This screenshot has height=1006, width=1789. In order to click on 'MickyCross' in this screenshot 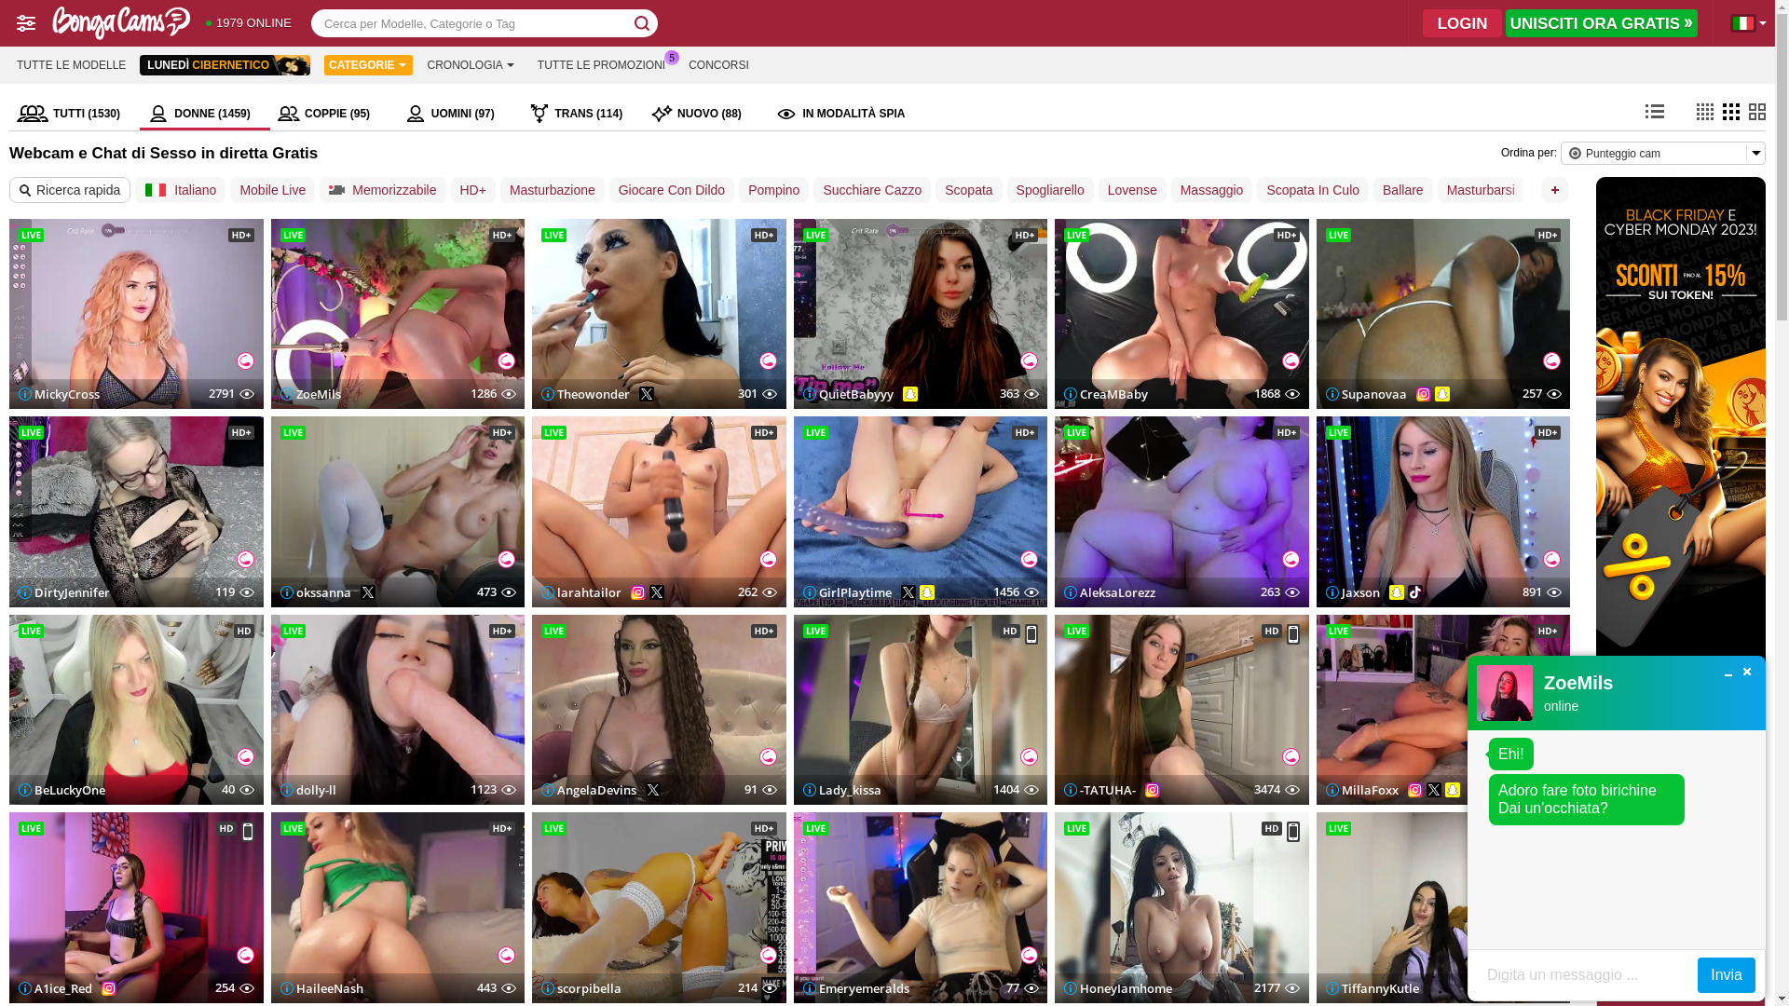, I will do `click(59, 393)`.